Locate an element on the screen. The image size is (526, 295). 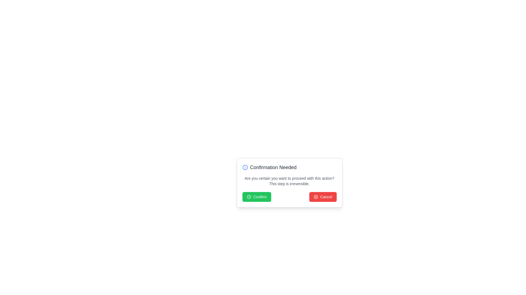
the SVG graphical element that is part of a larger icon, located at the center of a modal dialog in the top-left corner of the informational message is located at coordinates (316, 197).